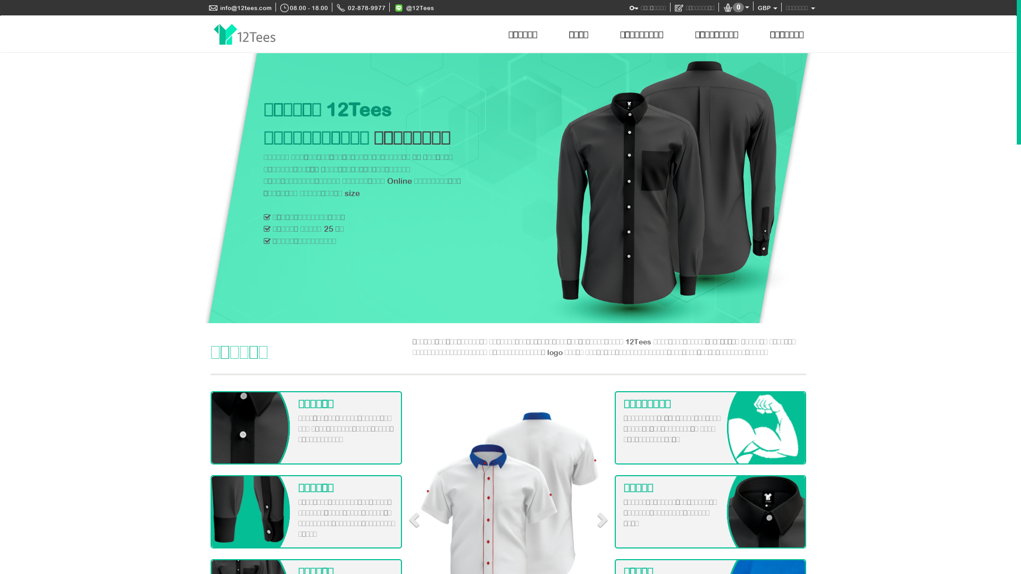 Image resolution: width=1021 pixels, height=574 pixels. I want to click on 'Prev', so click(219, 188).